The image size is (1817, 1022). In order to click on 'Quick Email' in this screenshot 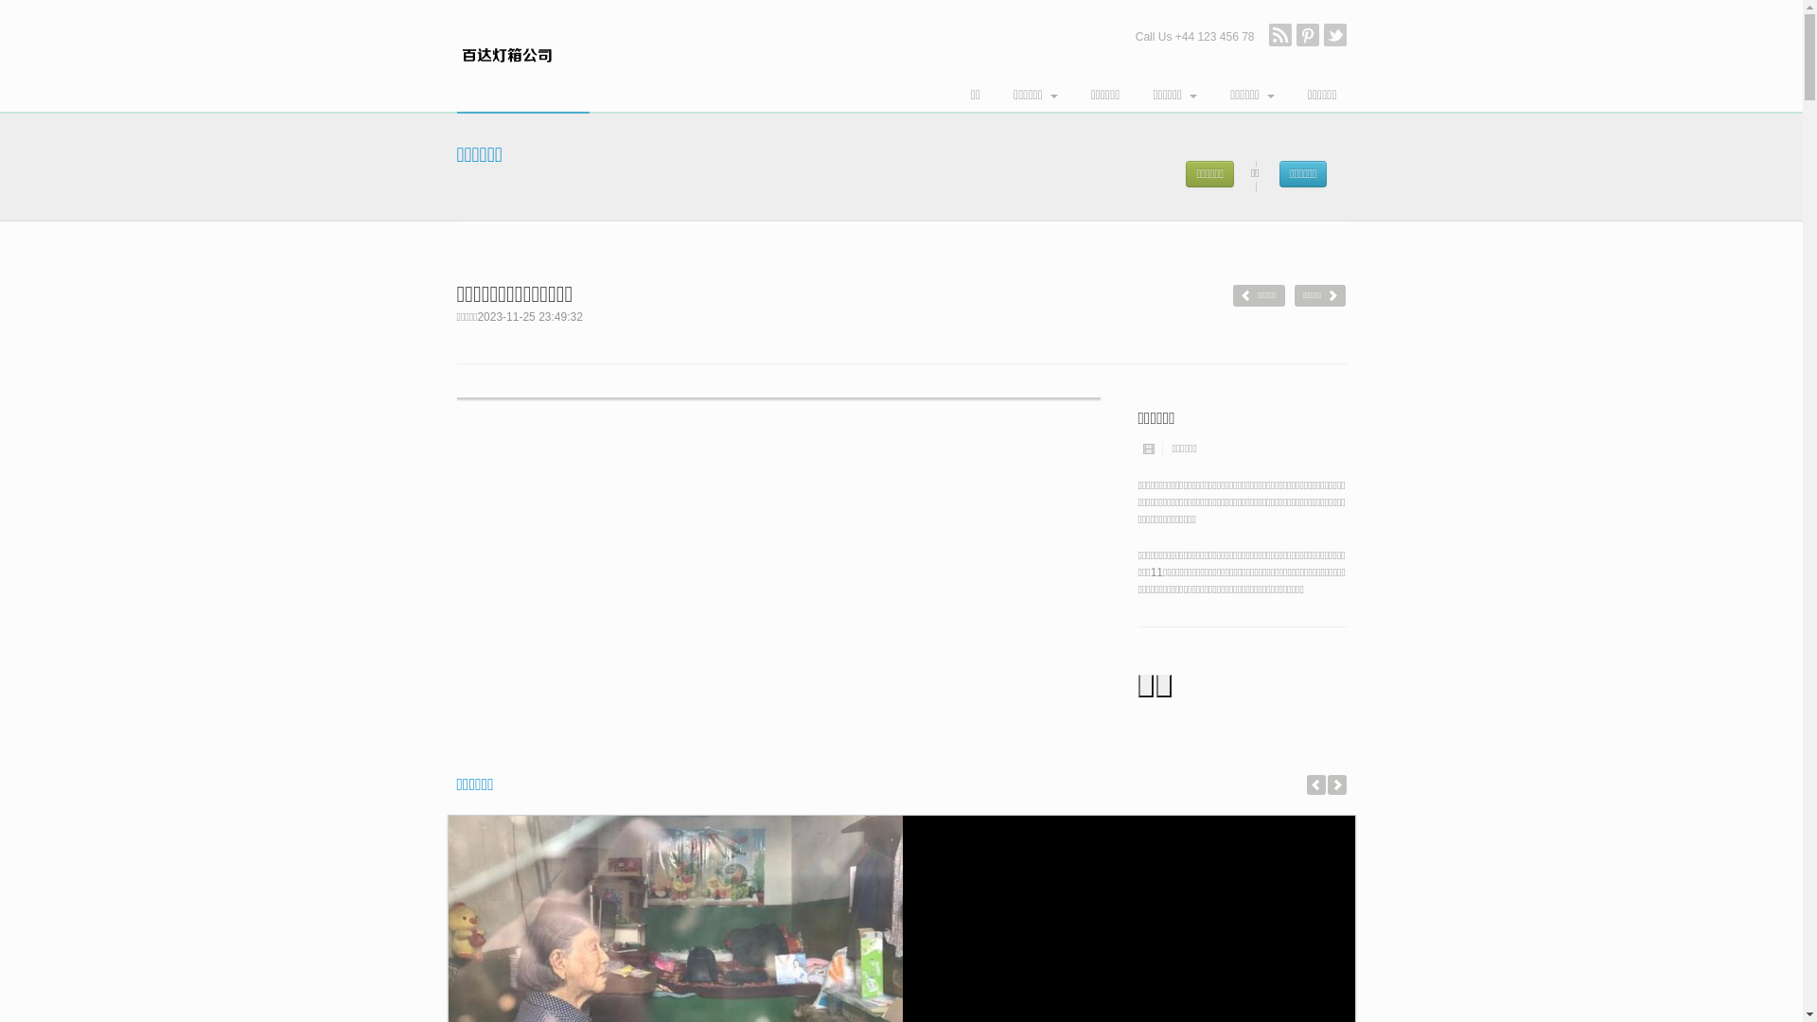, I will do `click(1307, 35)`.